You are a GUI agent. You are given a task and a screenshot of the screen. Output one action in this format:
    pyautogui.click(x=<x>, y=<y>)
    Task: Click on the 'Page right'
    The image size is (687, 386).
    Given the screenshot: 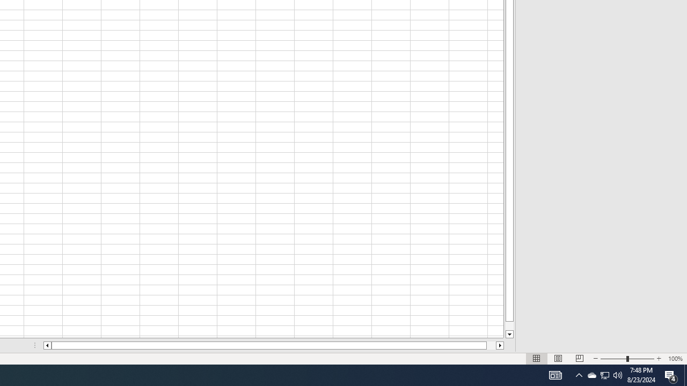 What is the action you would take?
    pyautogui.click(x=491, y=345)
    